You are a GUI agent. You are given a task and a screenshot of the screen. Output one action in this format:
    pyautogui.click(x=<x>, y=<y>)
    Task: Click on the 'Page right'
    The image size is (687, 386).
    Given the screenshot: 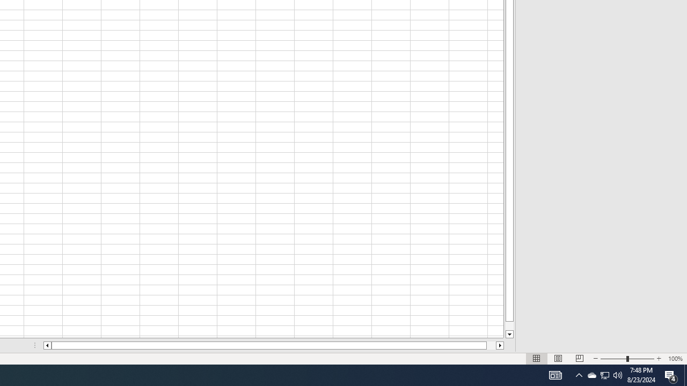 What is the action you would take?
    pyautogui.click(x=491, y=345)
    